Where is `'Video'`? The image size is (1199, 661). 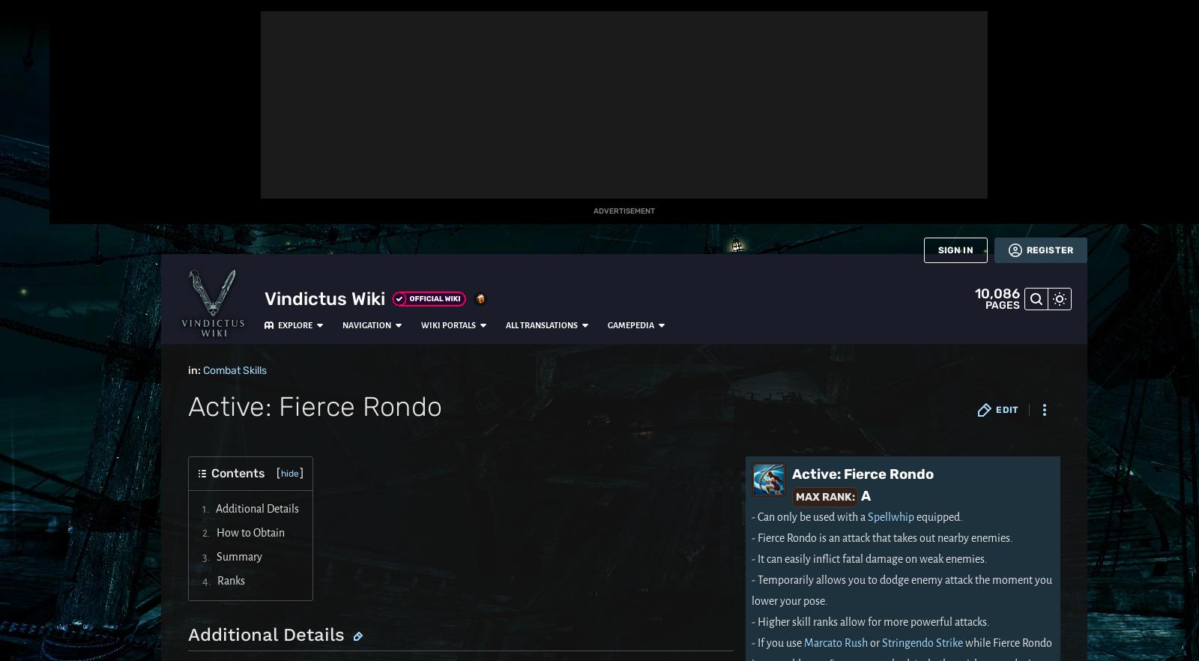
'Video' is located at coordinates (23, 429).